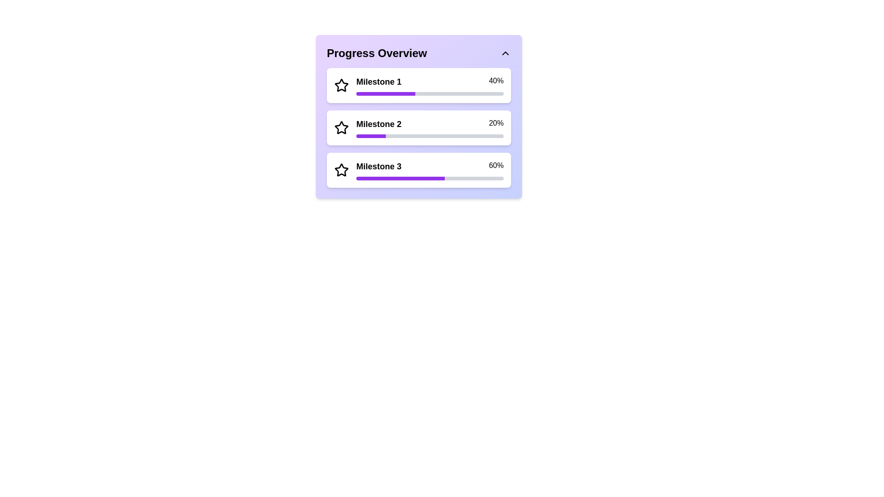 The image size is (884, 497). Describe the element at coordinates (430, 127) in the screenshot. I see `the progress bar for 'Milestone 2'` at that location.